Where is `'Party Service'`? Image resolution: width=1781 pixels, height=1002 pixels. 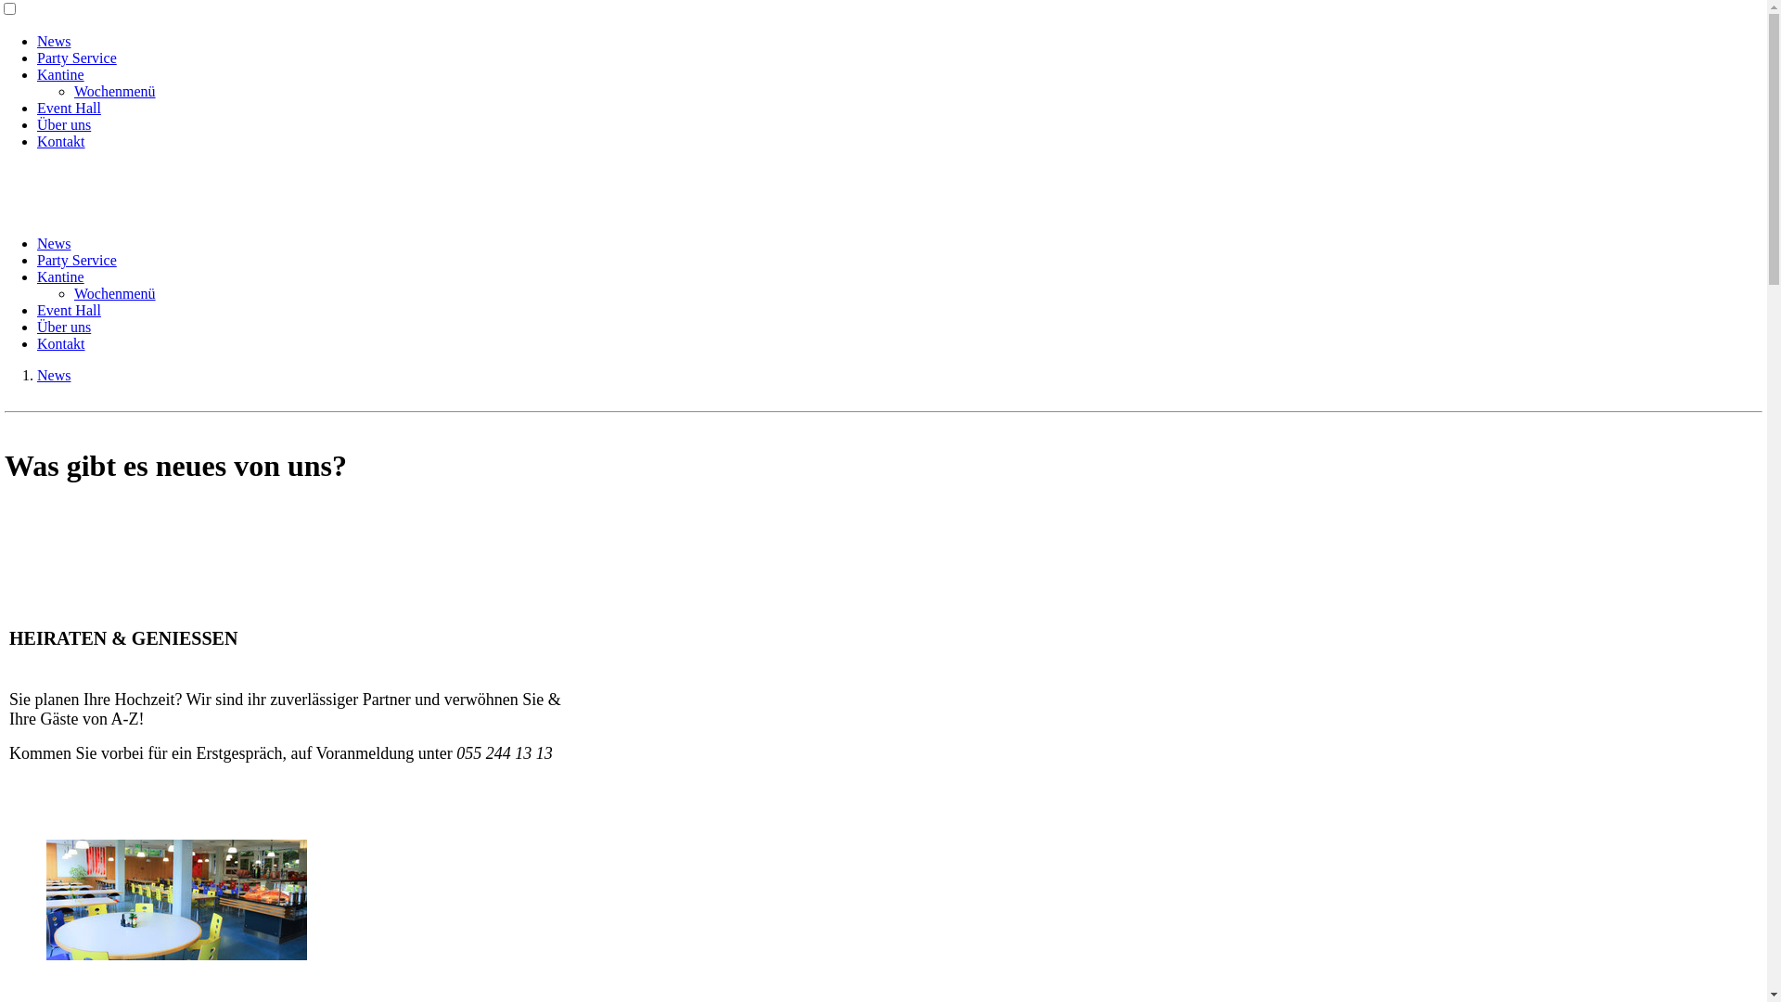
'Party Service' is located at coordinates (75, 260).